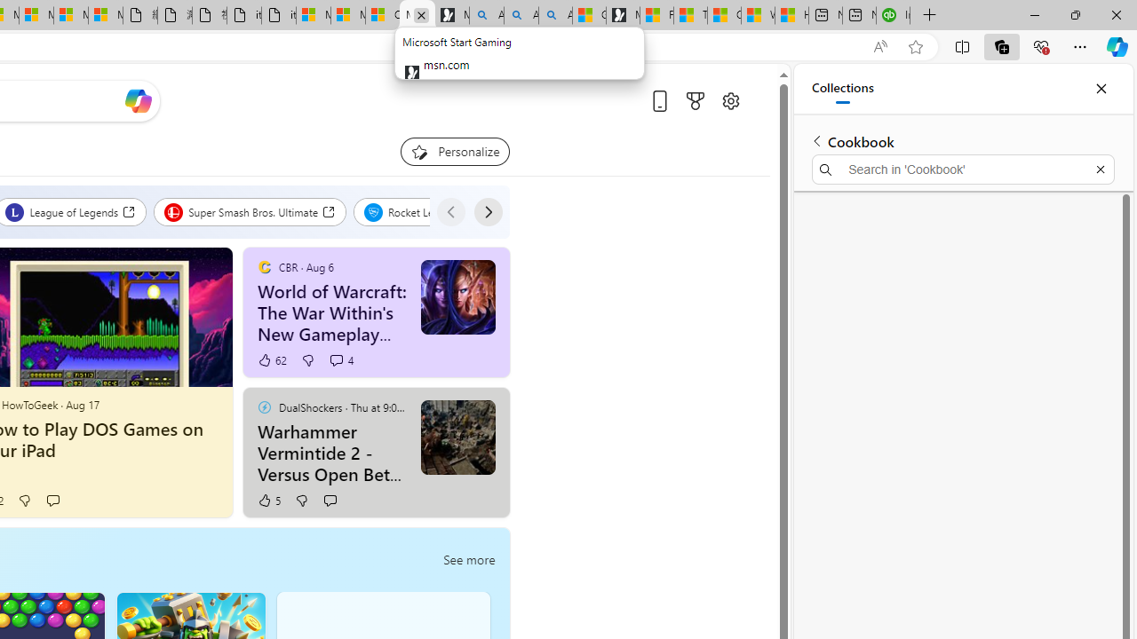  I want to click on '5 Like', so click(267, 501).